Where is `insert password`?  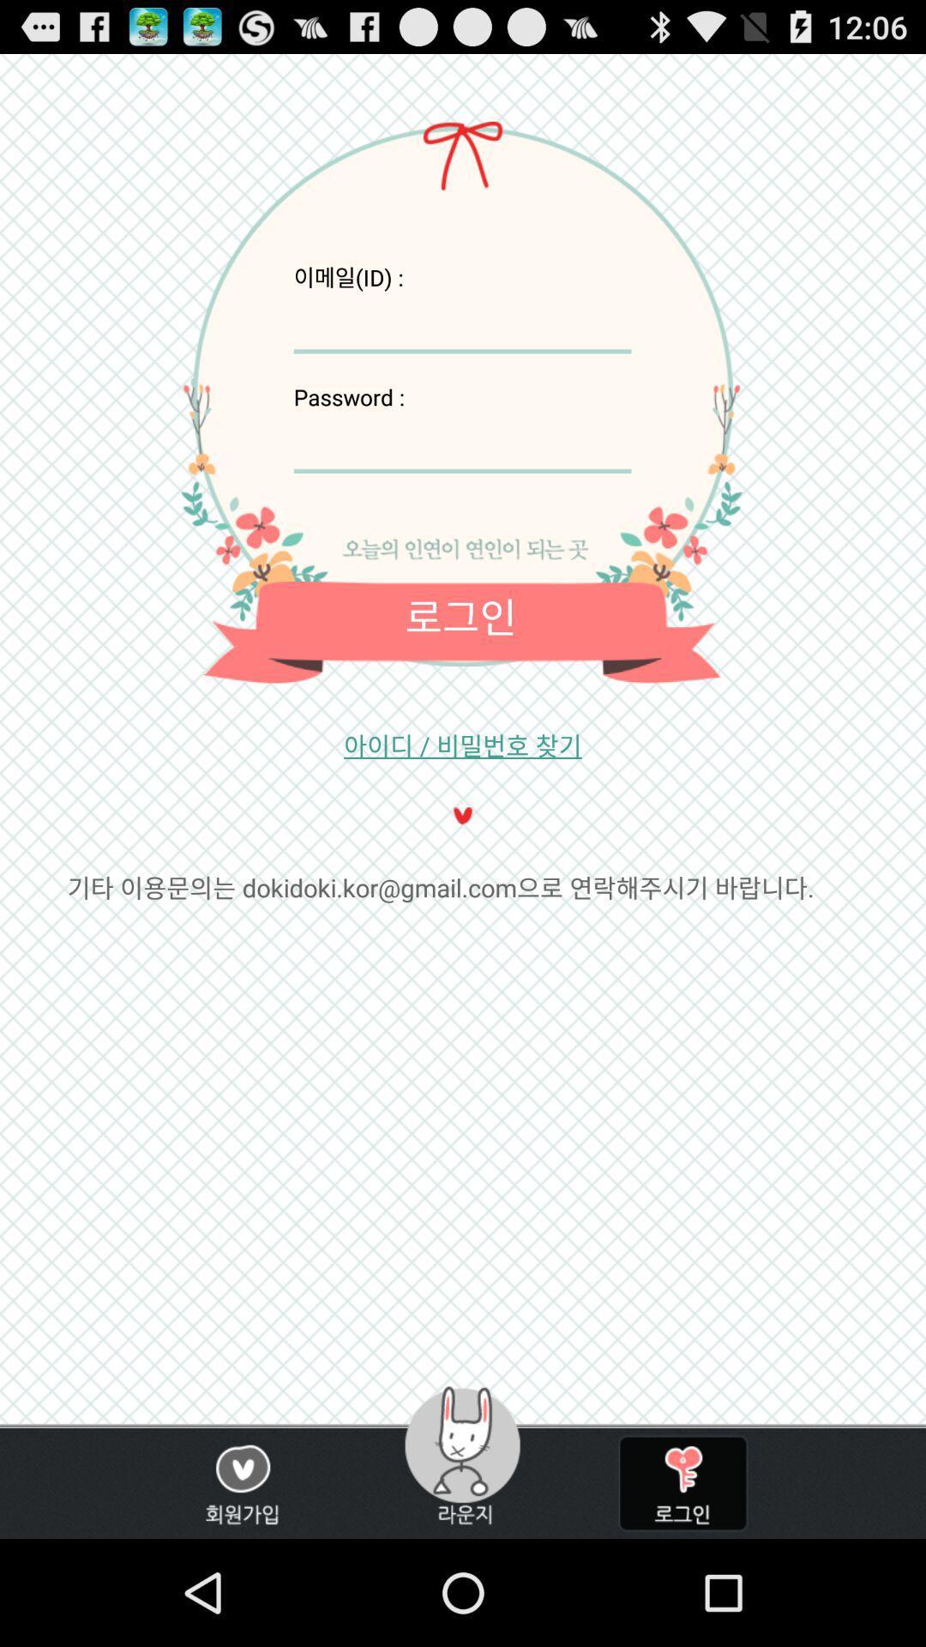
insert password is located at coordinates (461, 443).